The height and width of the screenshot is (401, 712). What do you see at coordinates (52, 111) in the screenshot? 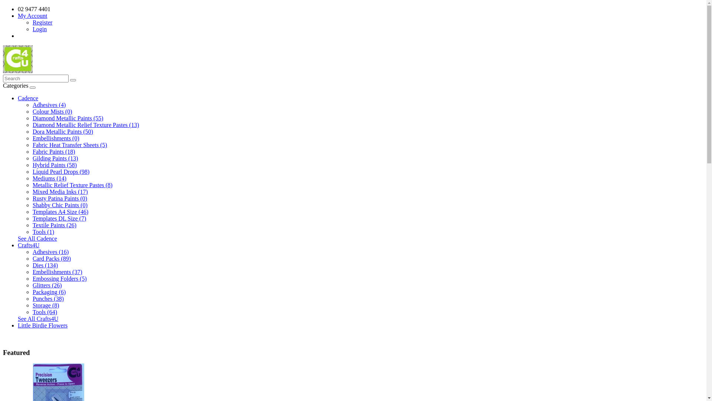
I see `'Colour Mists (0)'` at bounding box center [52, 111].